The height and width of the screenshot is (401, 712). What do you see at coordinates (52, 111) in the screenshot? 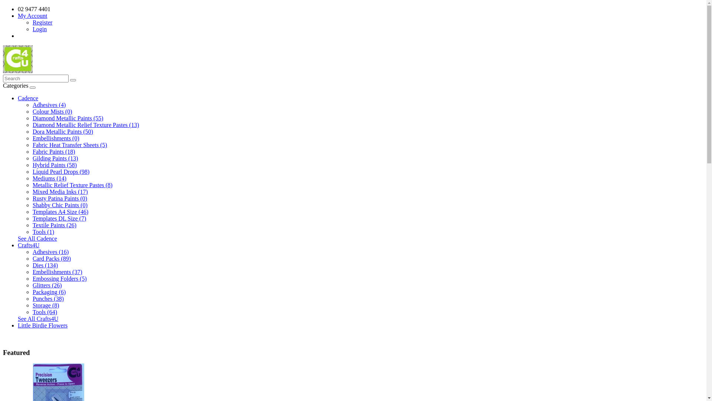
I see `'Colour Mists (0)'` at bounding box center [52, 111].